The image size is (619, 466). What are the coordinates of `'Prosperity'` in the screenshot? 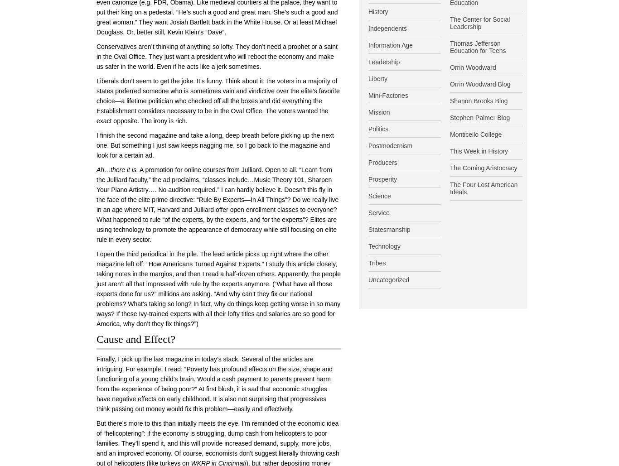 It's located at (382, 178).